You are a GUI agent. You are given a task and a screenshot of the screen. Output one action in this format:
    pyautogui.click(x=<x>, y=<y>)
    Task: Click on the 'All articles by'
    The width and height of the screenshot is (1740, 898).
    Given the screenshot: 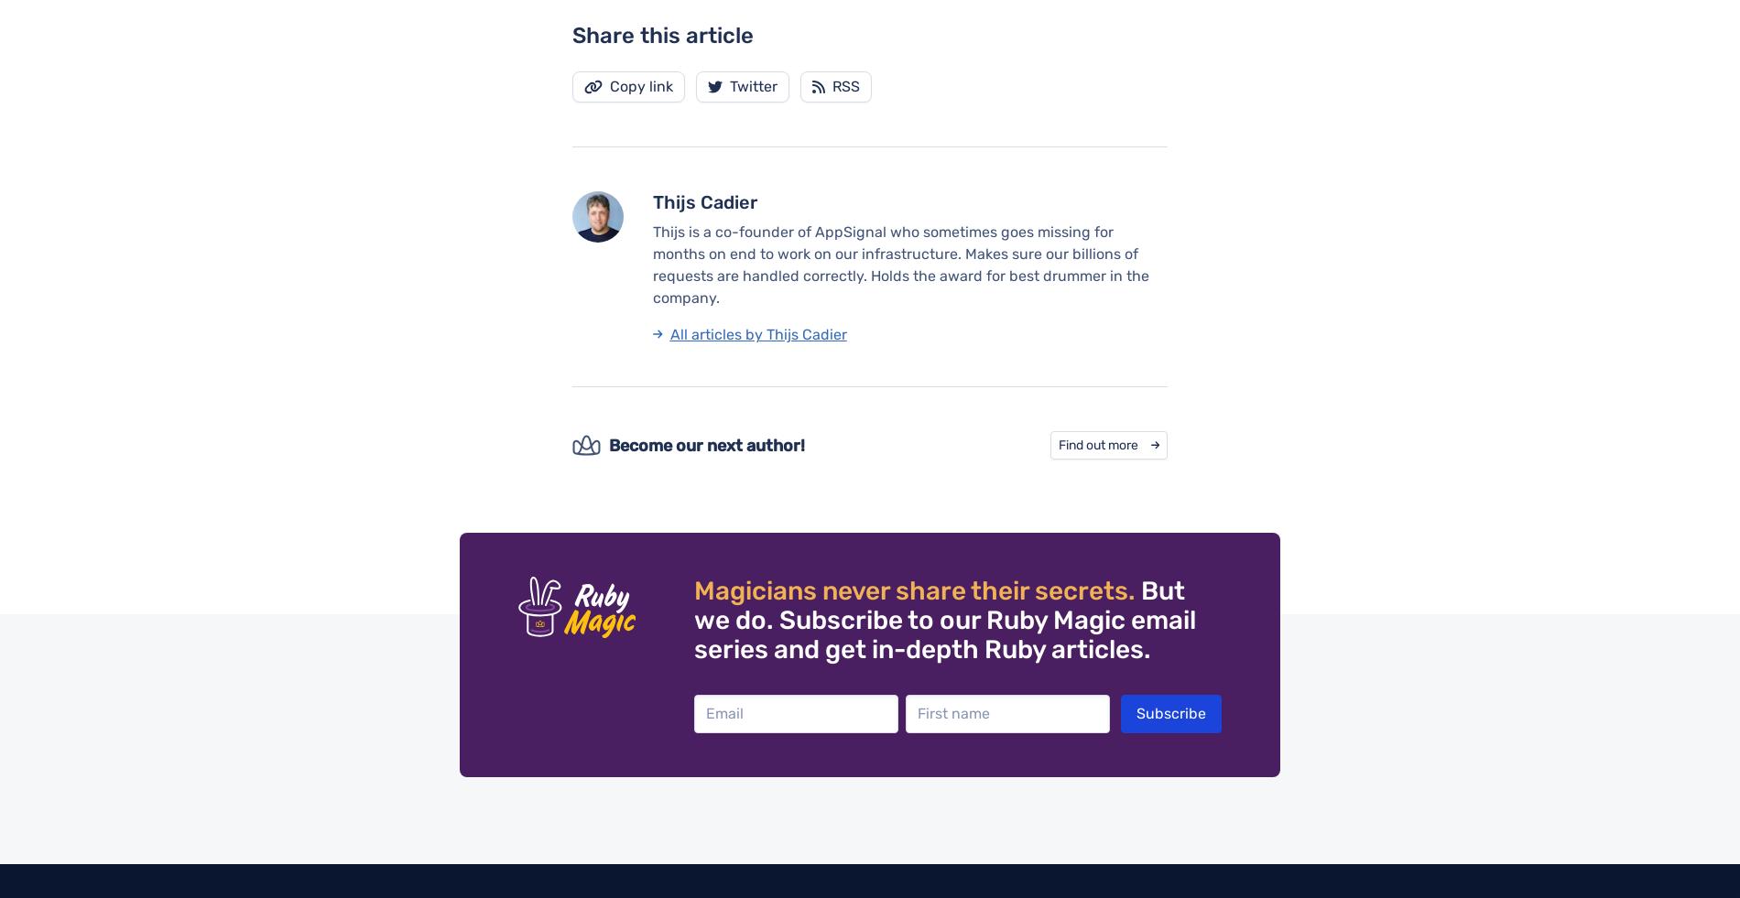 What is the action you would take?
    pyautogui.click(x=716, y=332)
    